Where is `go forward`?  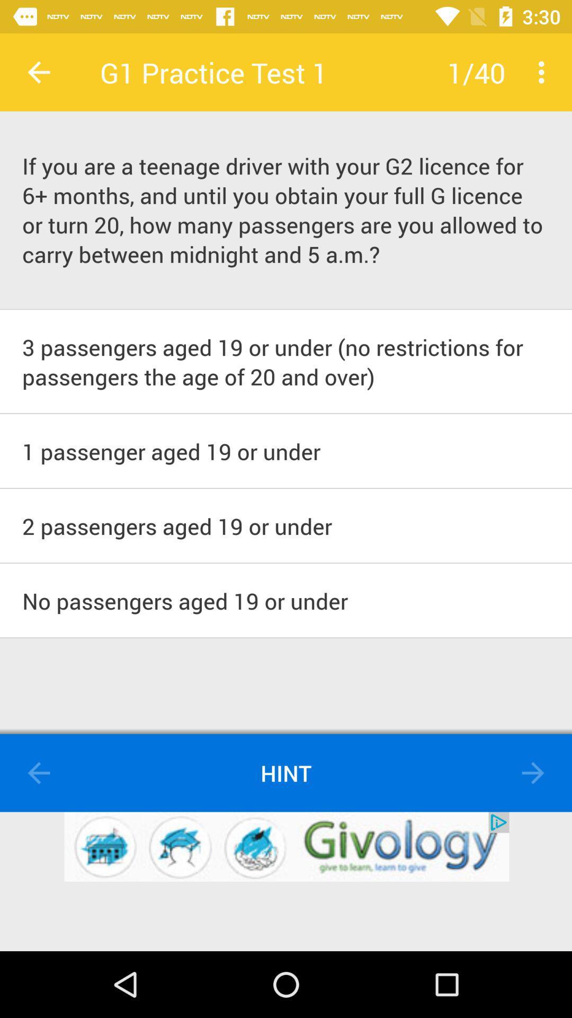
go forward is located at coordinates (533, 773).